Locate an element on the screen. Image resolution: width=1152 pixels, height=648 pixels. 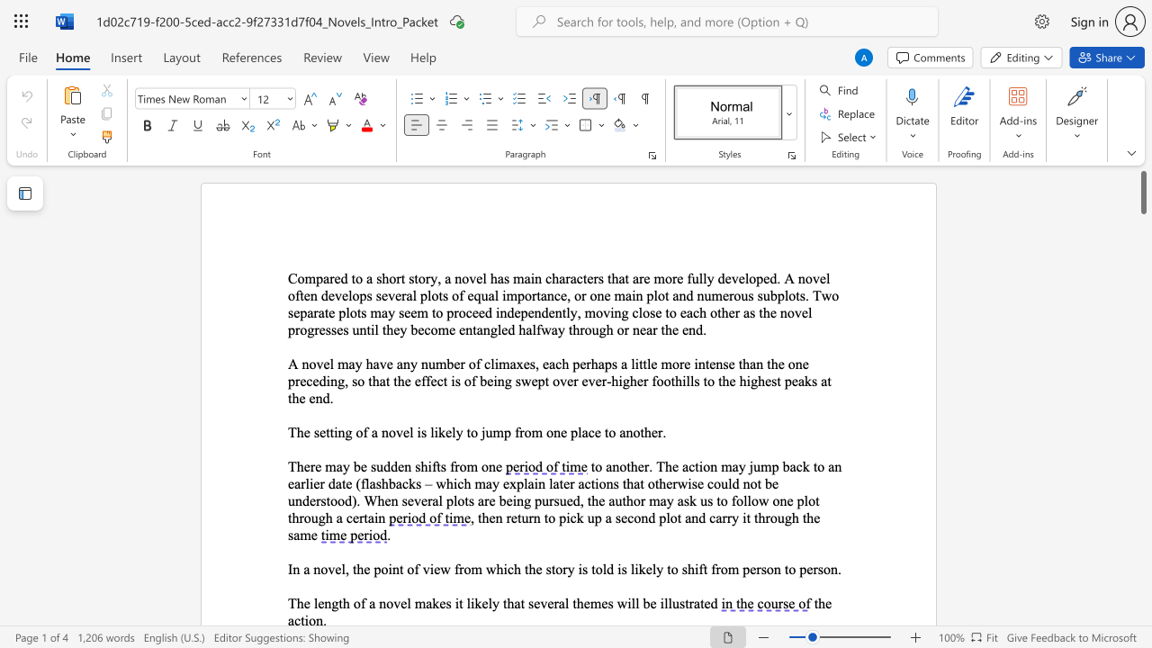
the 1th character "n" in the text is located at coordinates (616, 465).